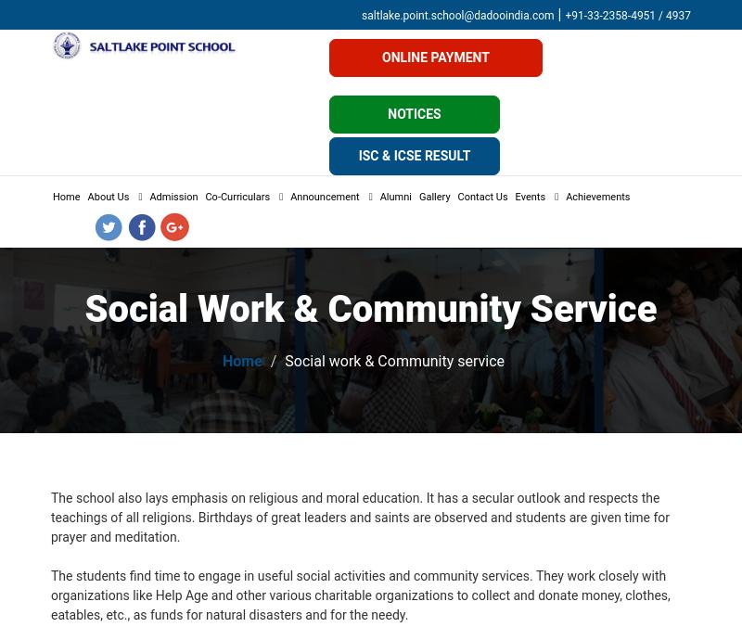 This screenshot has height=640, width=742. What do you see at coordinates (359, 518) in the screenshot?
I see `'The school also lays emphasis on religious and moral education. It has a secular outlook and respects the teachings of all religions. Birthdays of great leaders and saints are observed and students are given time for prayer and meditation.'` at bounding box center [359, 518].